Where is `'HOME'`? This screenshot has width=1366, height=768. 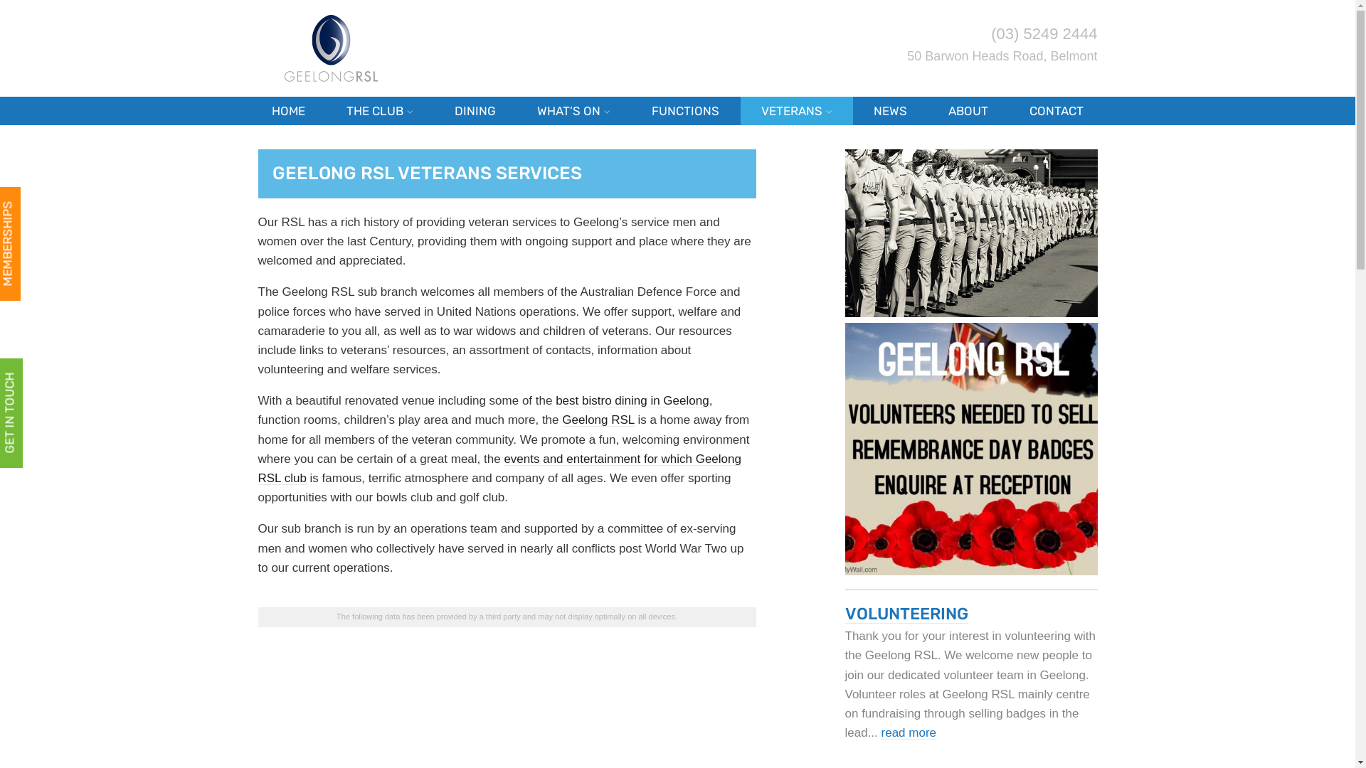
'HOME' is located at coordinates (287, 110).